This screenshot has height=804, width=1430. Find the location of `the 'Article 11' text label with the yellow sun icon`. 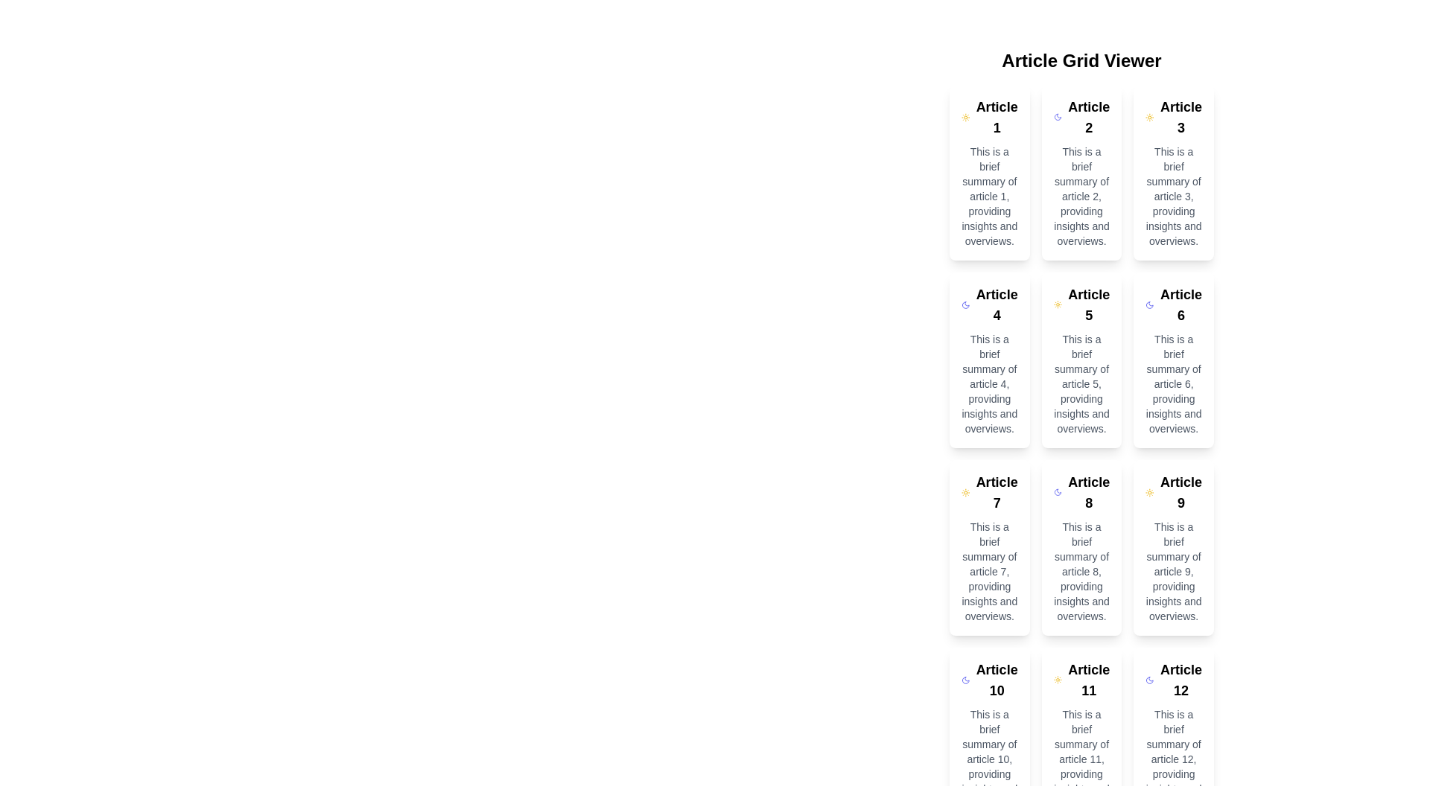

the 'Article 11' text label with the yellow sun icon is located at coordinates (1081, 680).